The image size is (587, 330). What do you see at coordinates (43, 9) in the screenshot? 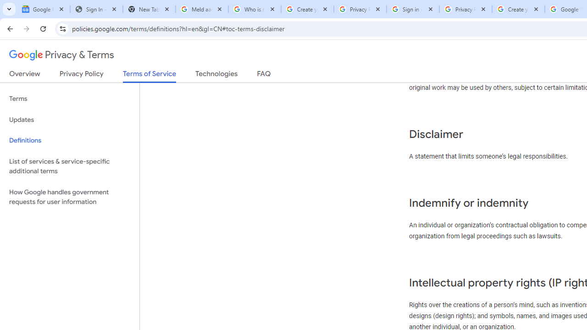
I see `'Google News'` at bounding box center [43, 9].